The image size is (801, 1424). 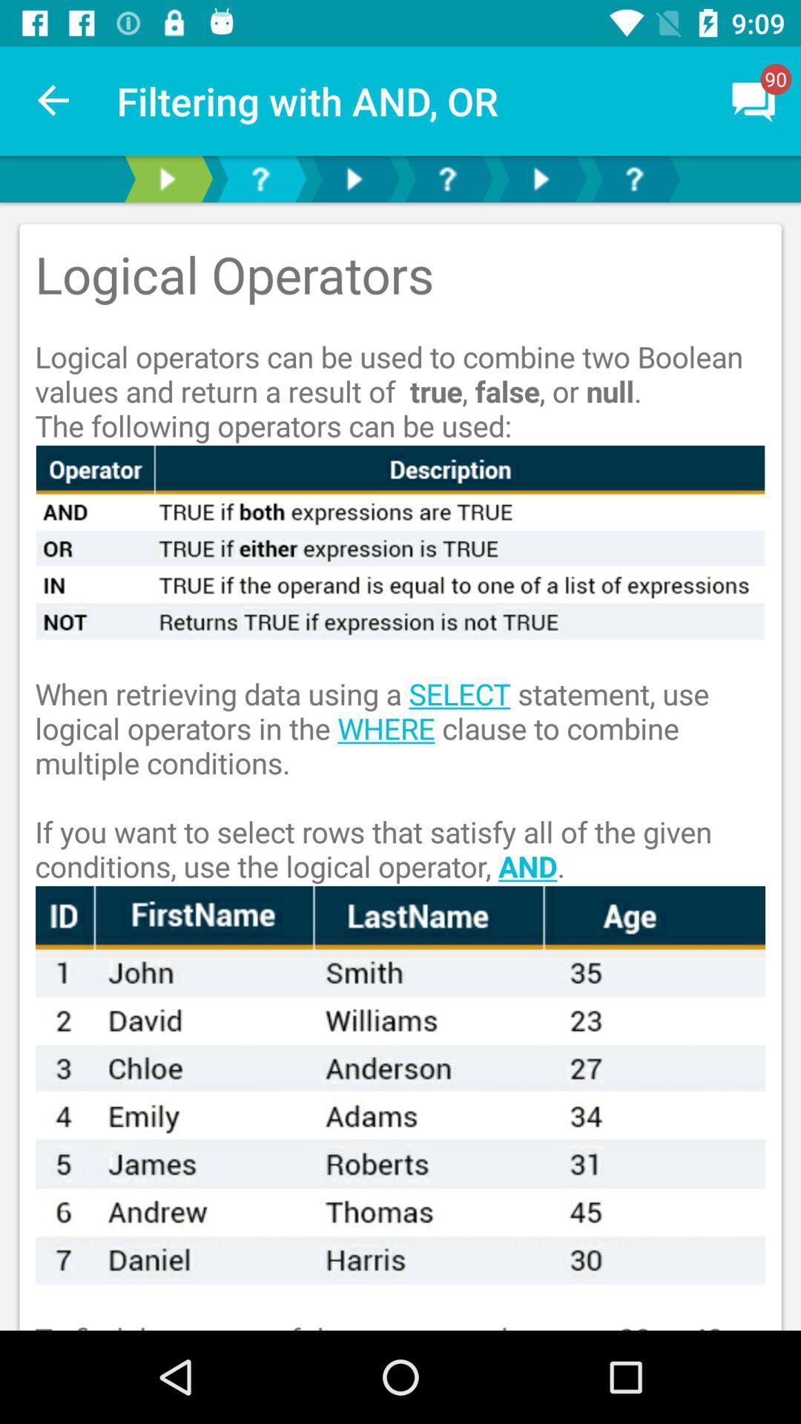 What do you see at coordinates (166, 178) in the screenshot?
I see `go forward` at bounding box center [166, 178].